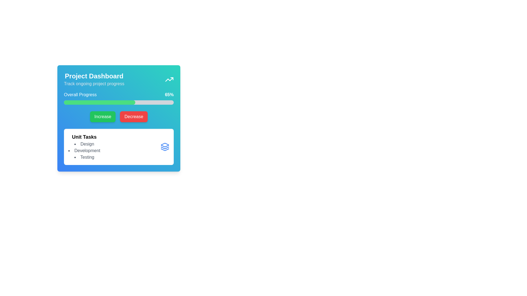 The width and height of the screenshot is (527, 296). What do you see at coordinates (118, 98) in the screenshot?
I see `the Progress Bar, which is centrally located beneath the title 'Project Dashboard' and above the 'Increase' and 'Decrease' buttons, indicating 65% completion` at bounding box center [118, 98].